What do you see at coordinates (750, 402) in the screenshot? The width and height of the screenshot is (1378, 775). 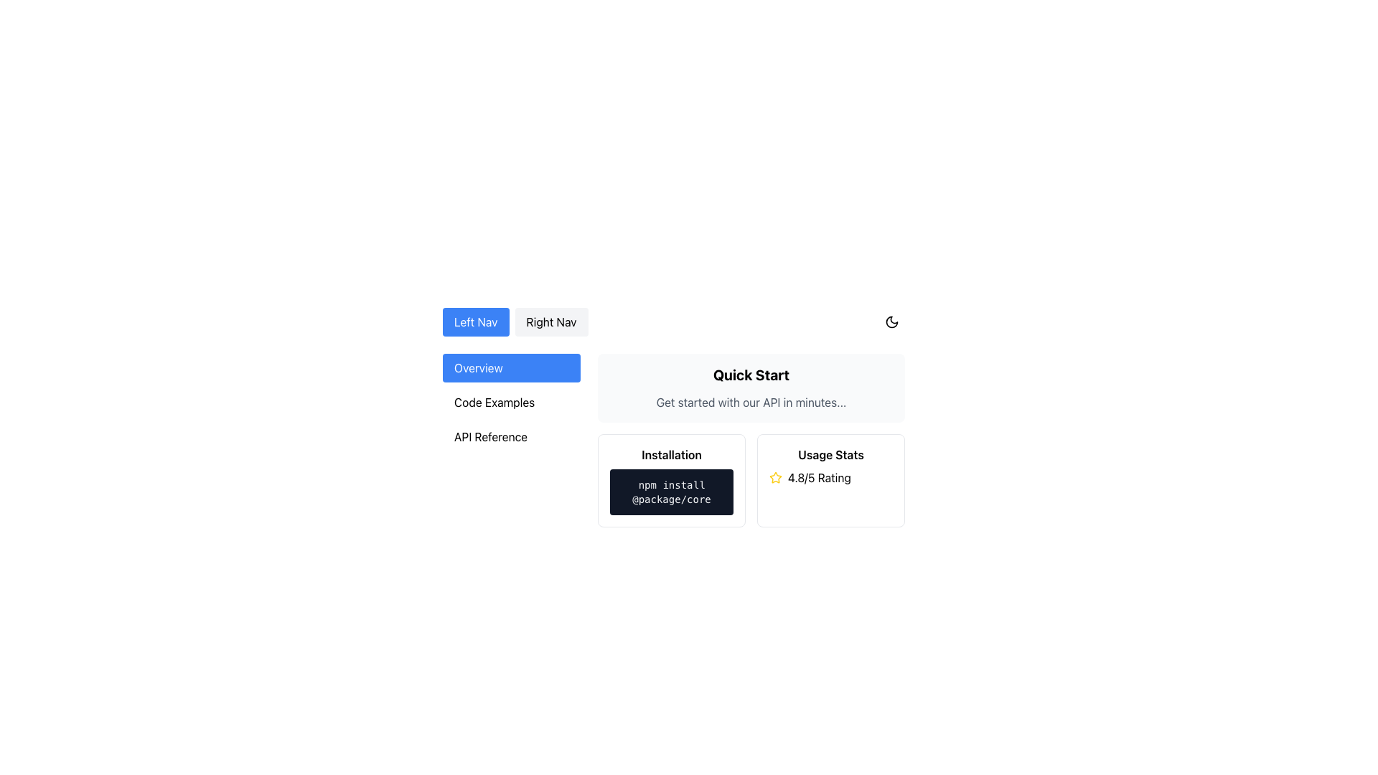 I see `text content displayed in gray font that says 'Get started with our API in minutes...' located below the 'Quick Start' heading` at bounding box center [750, 402].